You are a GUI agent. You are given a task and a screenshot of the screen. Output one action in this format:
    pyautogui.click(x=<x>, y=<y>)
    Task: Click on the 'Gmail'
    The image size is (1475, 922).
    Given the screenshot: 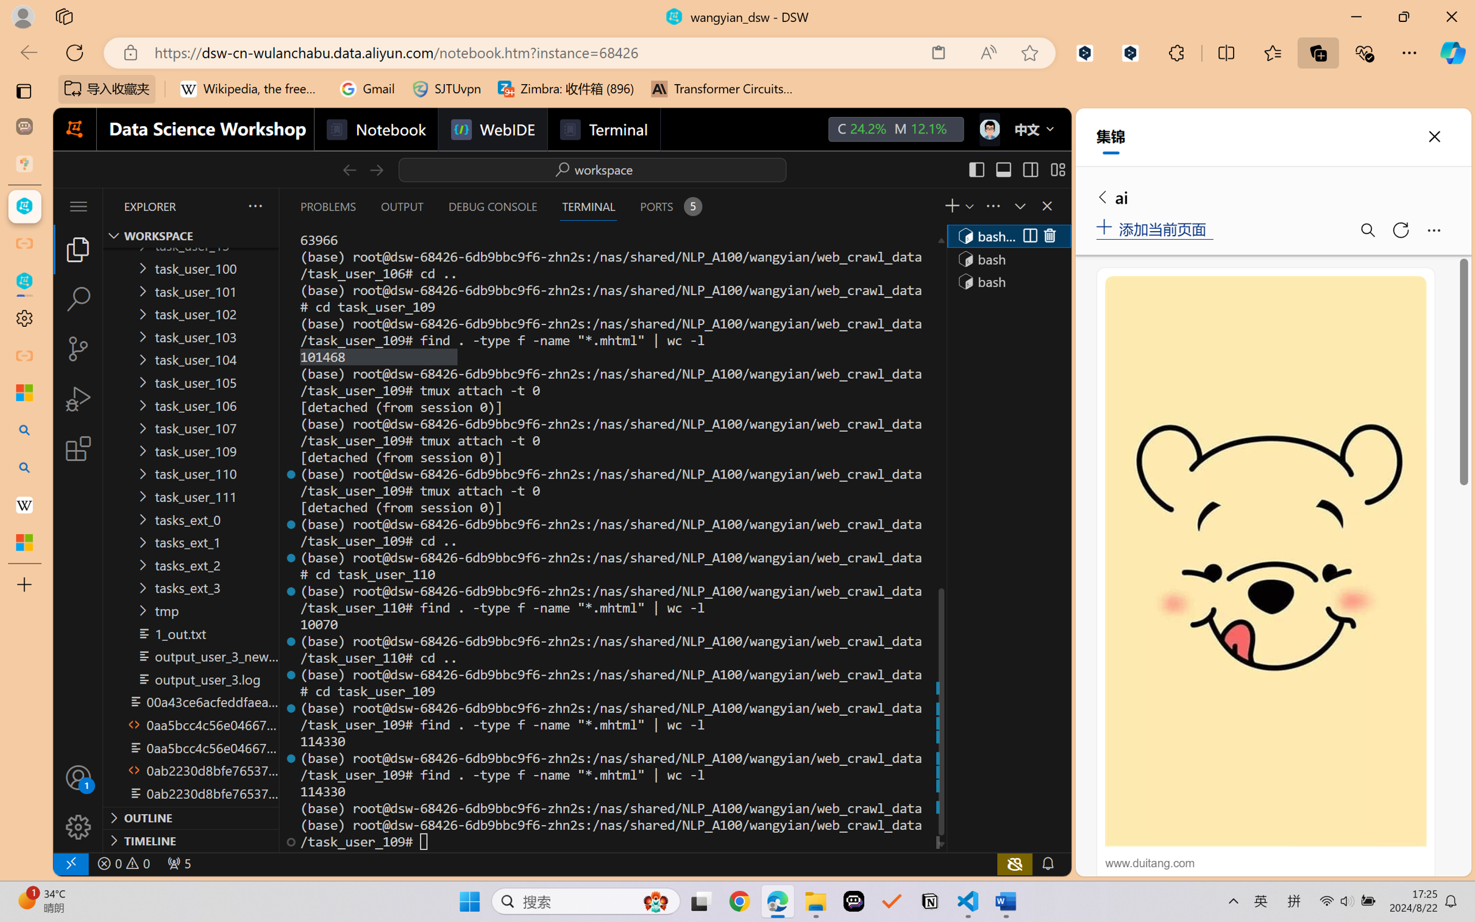 What is the action you would take?
    pyautogui.click(x=366, y=88)
    